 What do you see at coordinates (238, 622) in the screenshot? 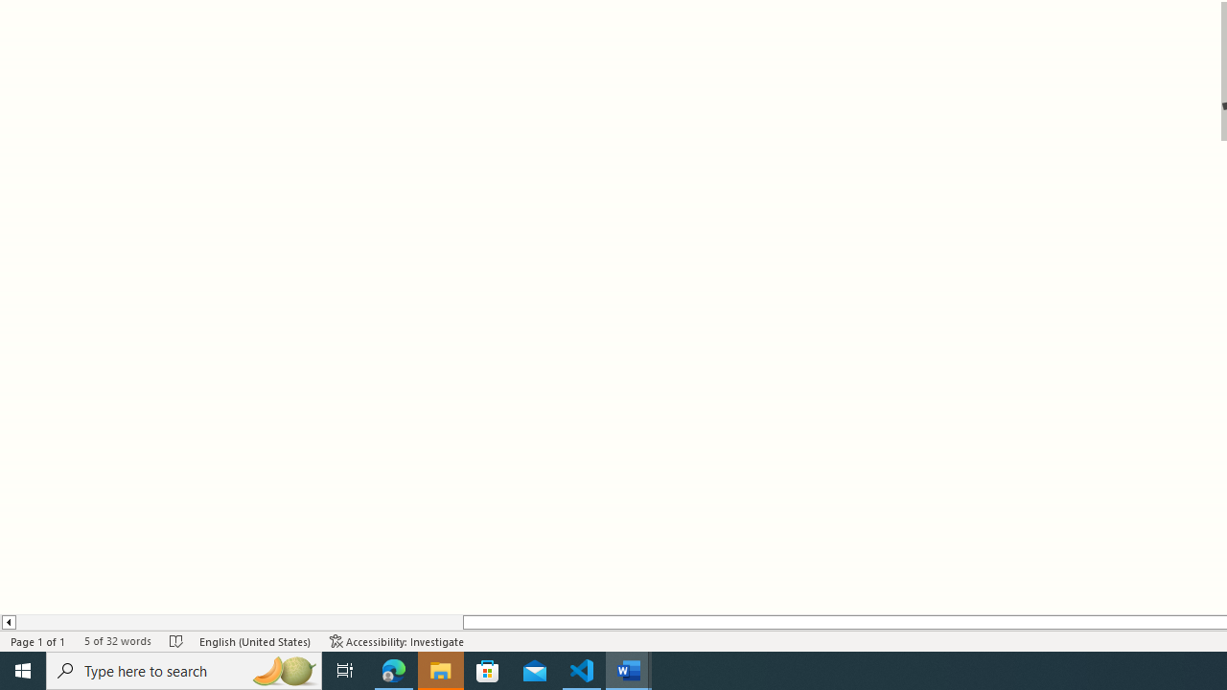
I see `'Page left'` at bounding box center [238, 622].